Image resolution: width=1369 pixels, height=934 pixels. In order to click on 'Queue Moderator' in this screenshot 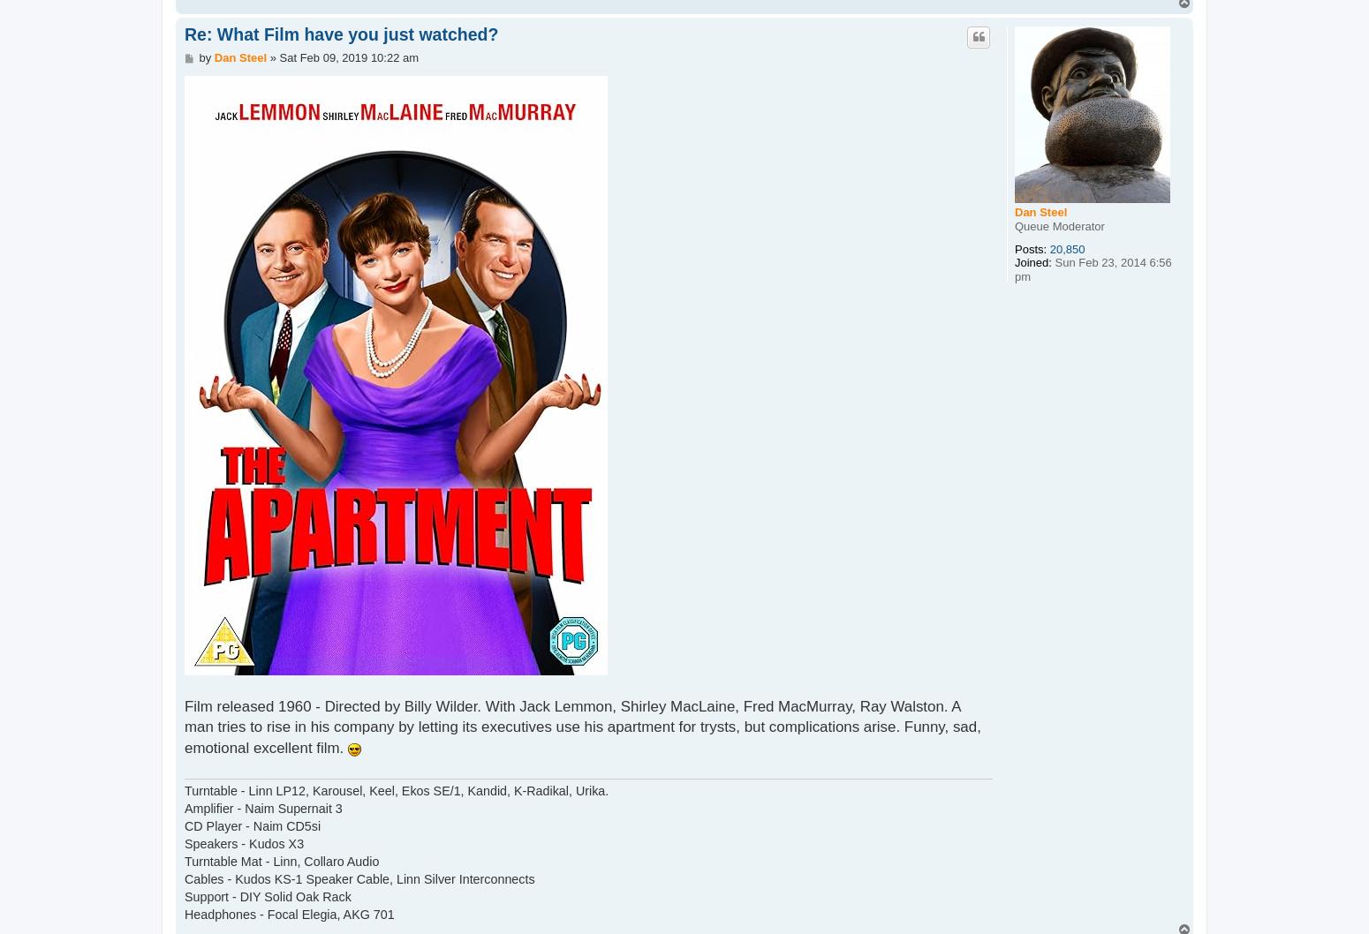, I will do `click(1059, 225)`.